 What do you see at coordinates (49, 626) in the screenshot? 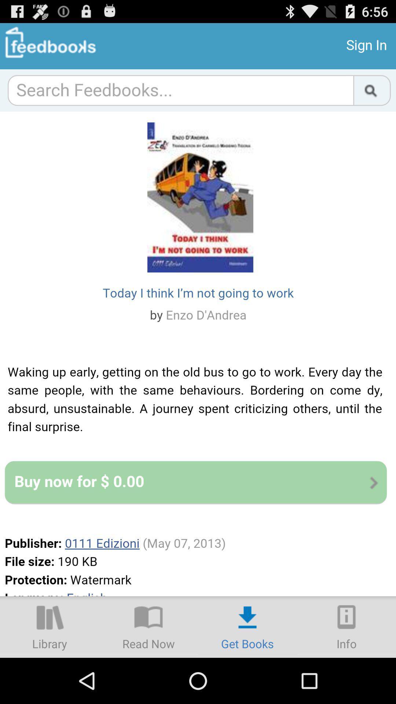
I see `the library option` at bounding box center [49, 626].